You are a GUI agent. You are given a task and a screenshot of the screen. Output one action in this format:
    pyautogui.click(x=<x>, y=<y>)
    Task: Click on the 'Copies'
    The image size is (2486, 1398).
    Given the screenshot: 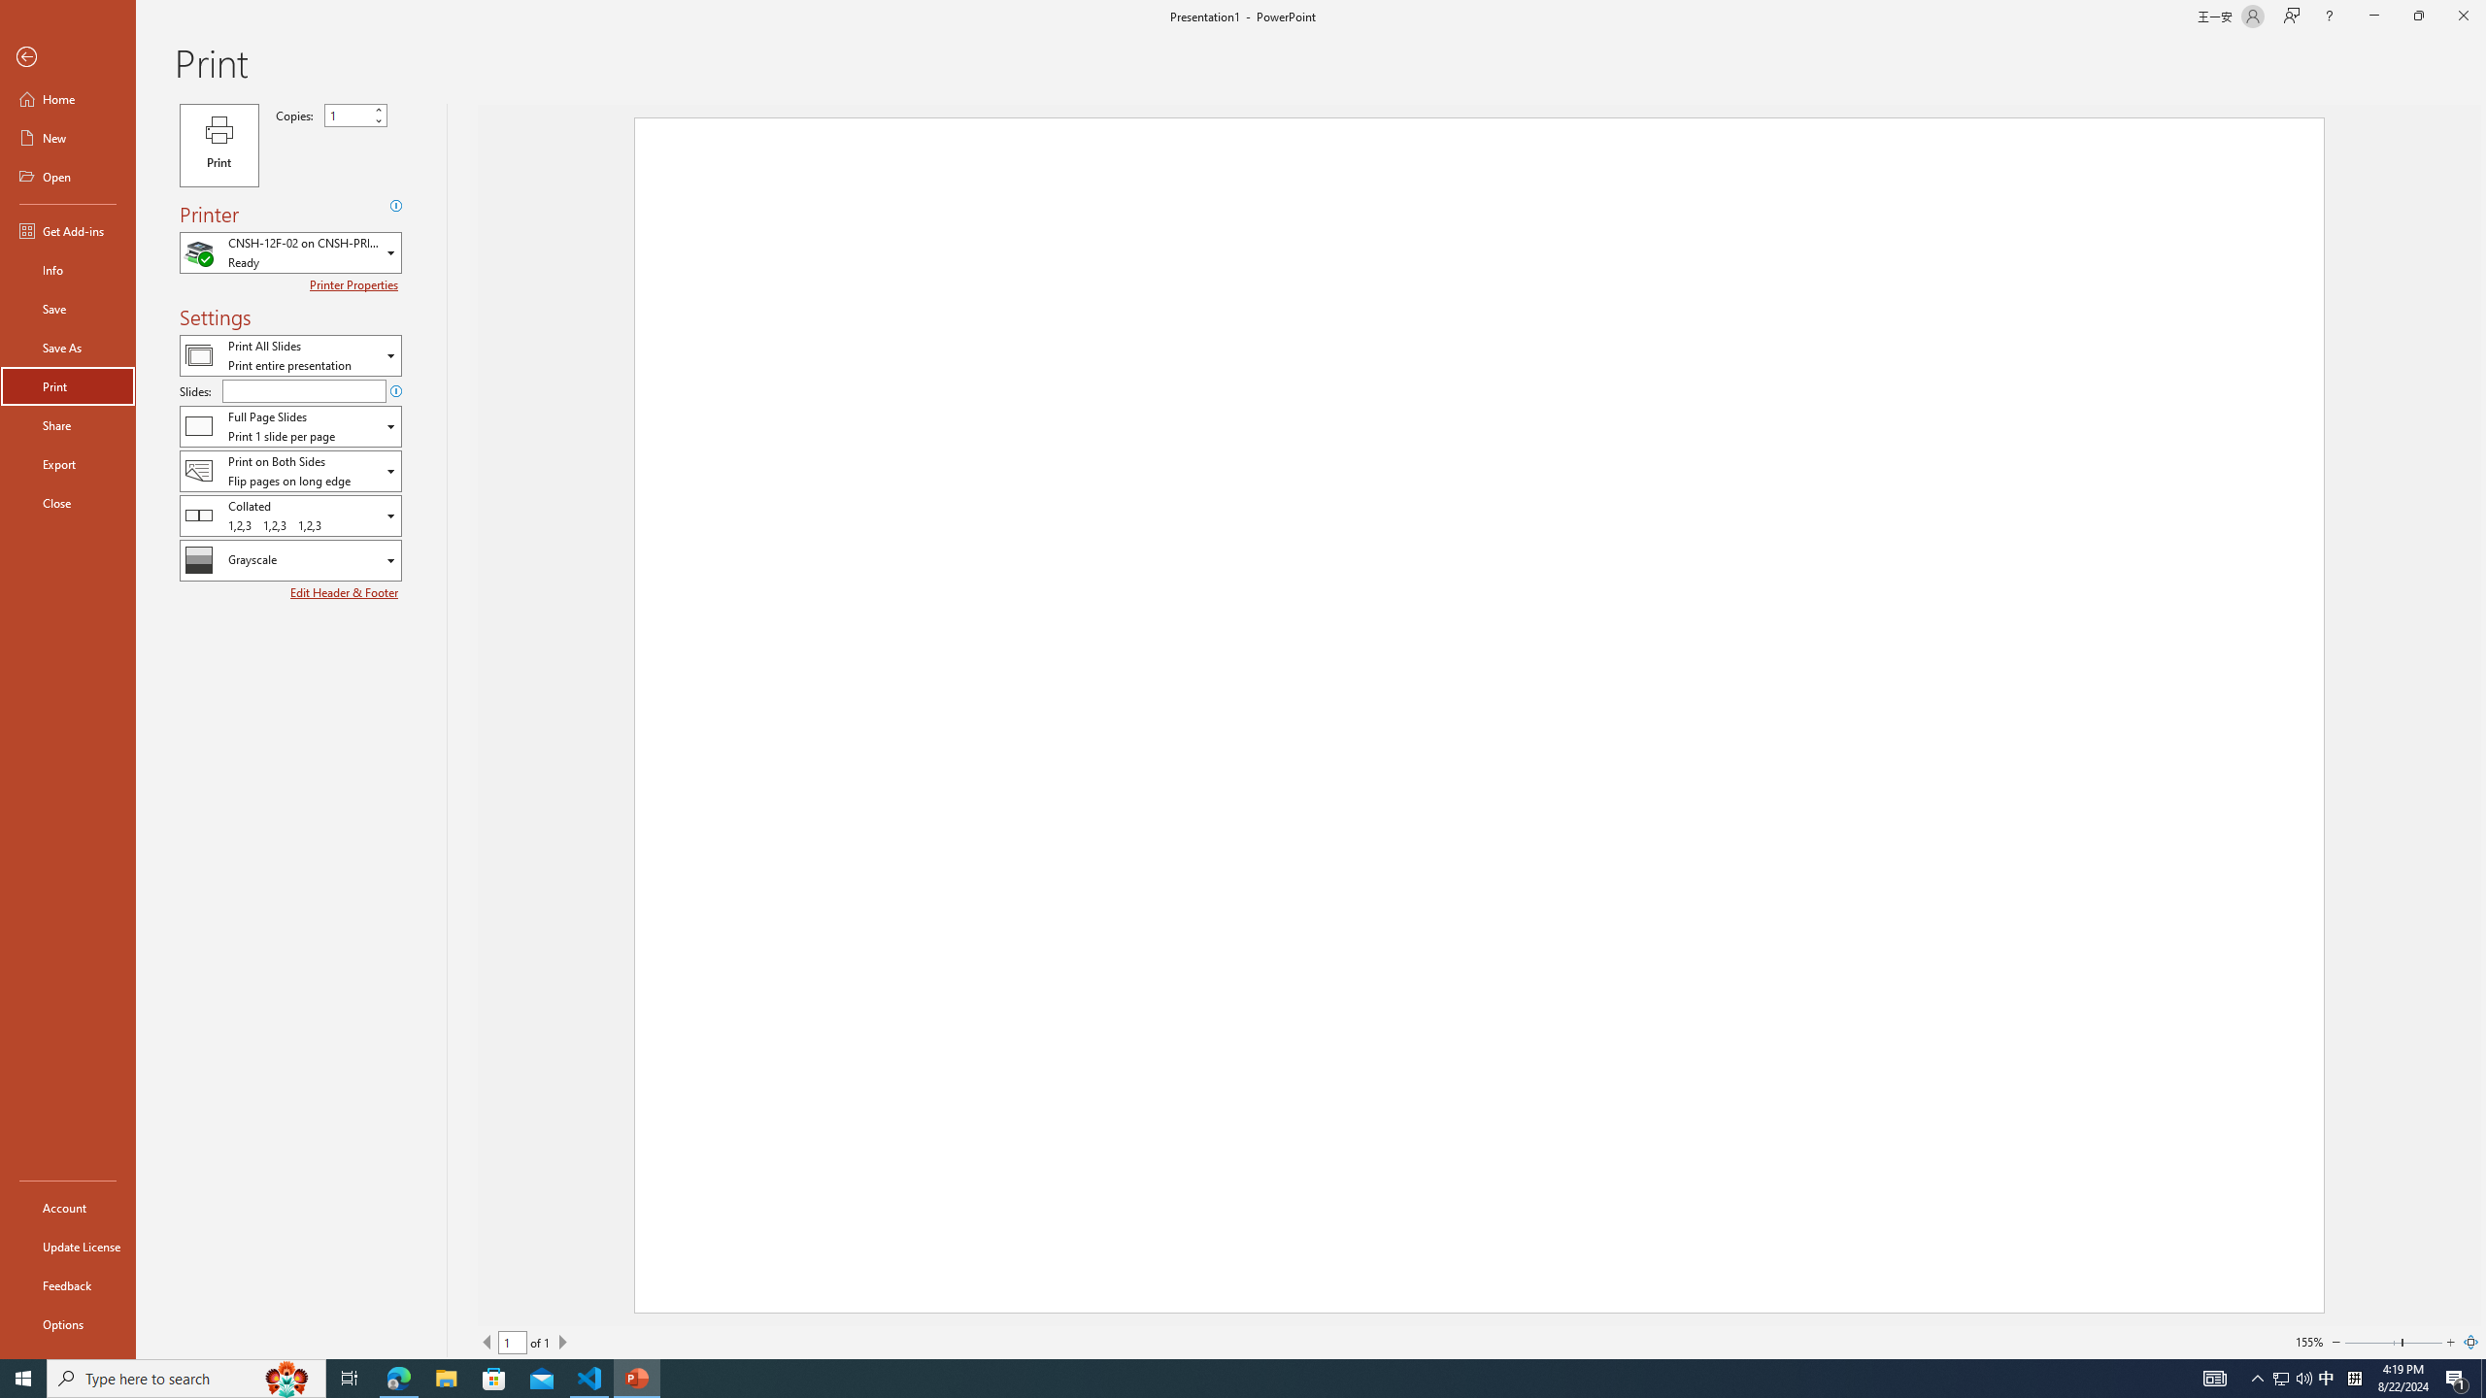 What is the action you would take?
    pyautogui.click(x=348, y=115)
    